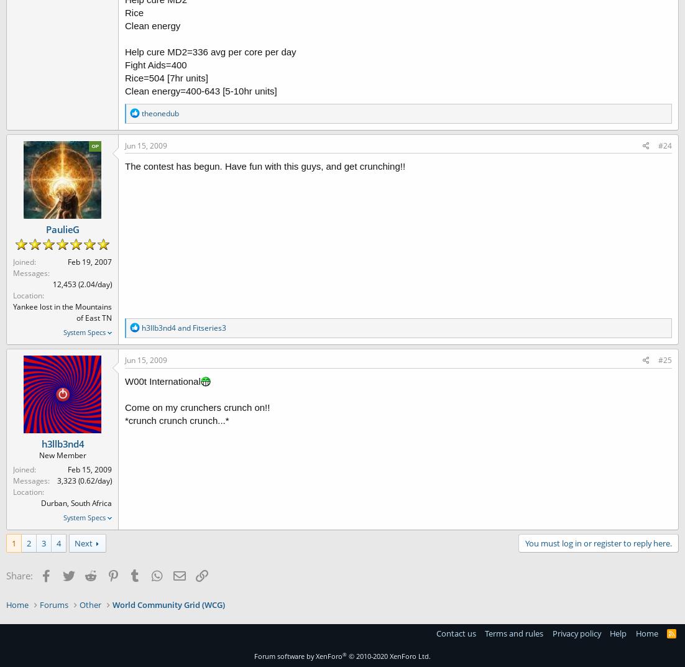  Describe the element at coordinates (19, 575) in the screenshot. I see `'Share:'` at that location.